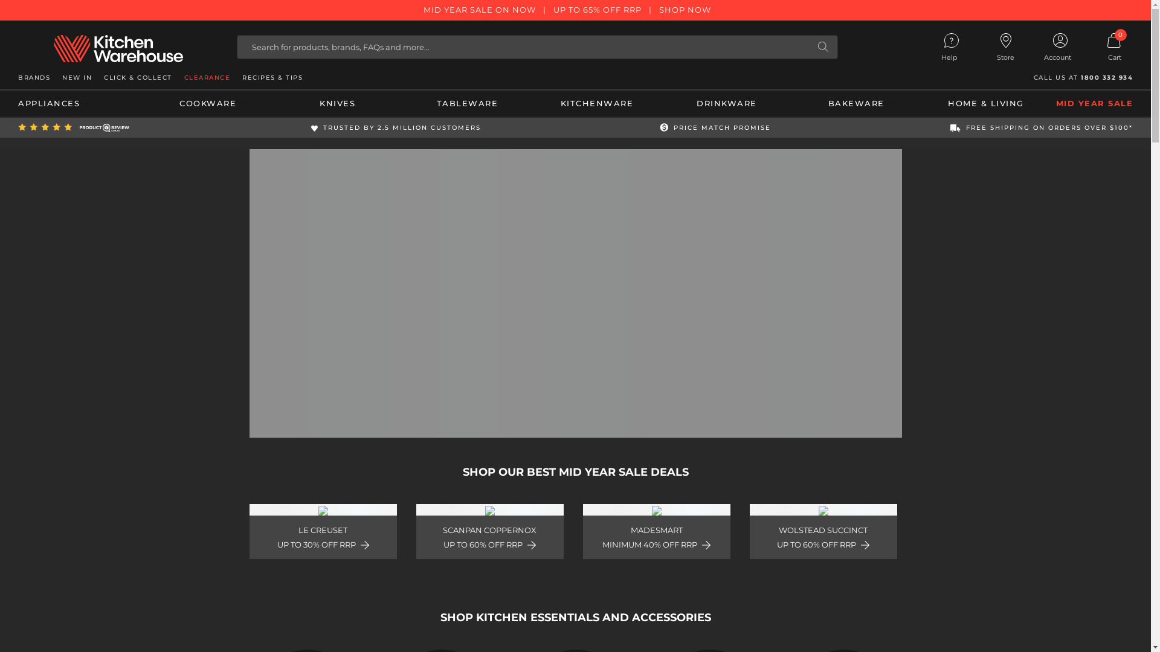 The image size is (1160, 652). Describe the element at coordinates (471, 103) in the screenshot. I see `'TABLEWARE'` at that location.